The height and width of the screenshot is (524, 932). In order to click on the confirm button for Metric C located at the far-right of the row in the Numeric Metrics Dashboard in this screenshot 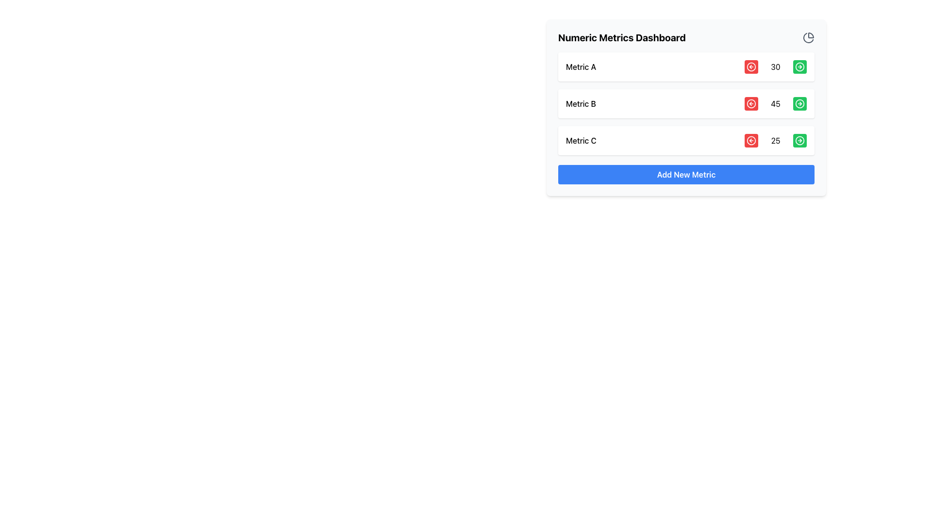, I will do `click(799, 140)`.